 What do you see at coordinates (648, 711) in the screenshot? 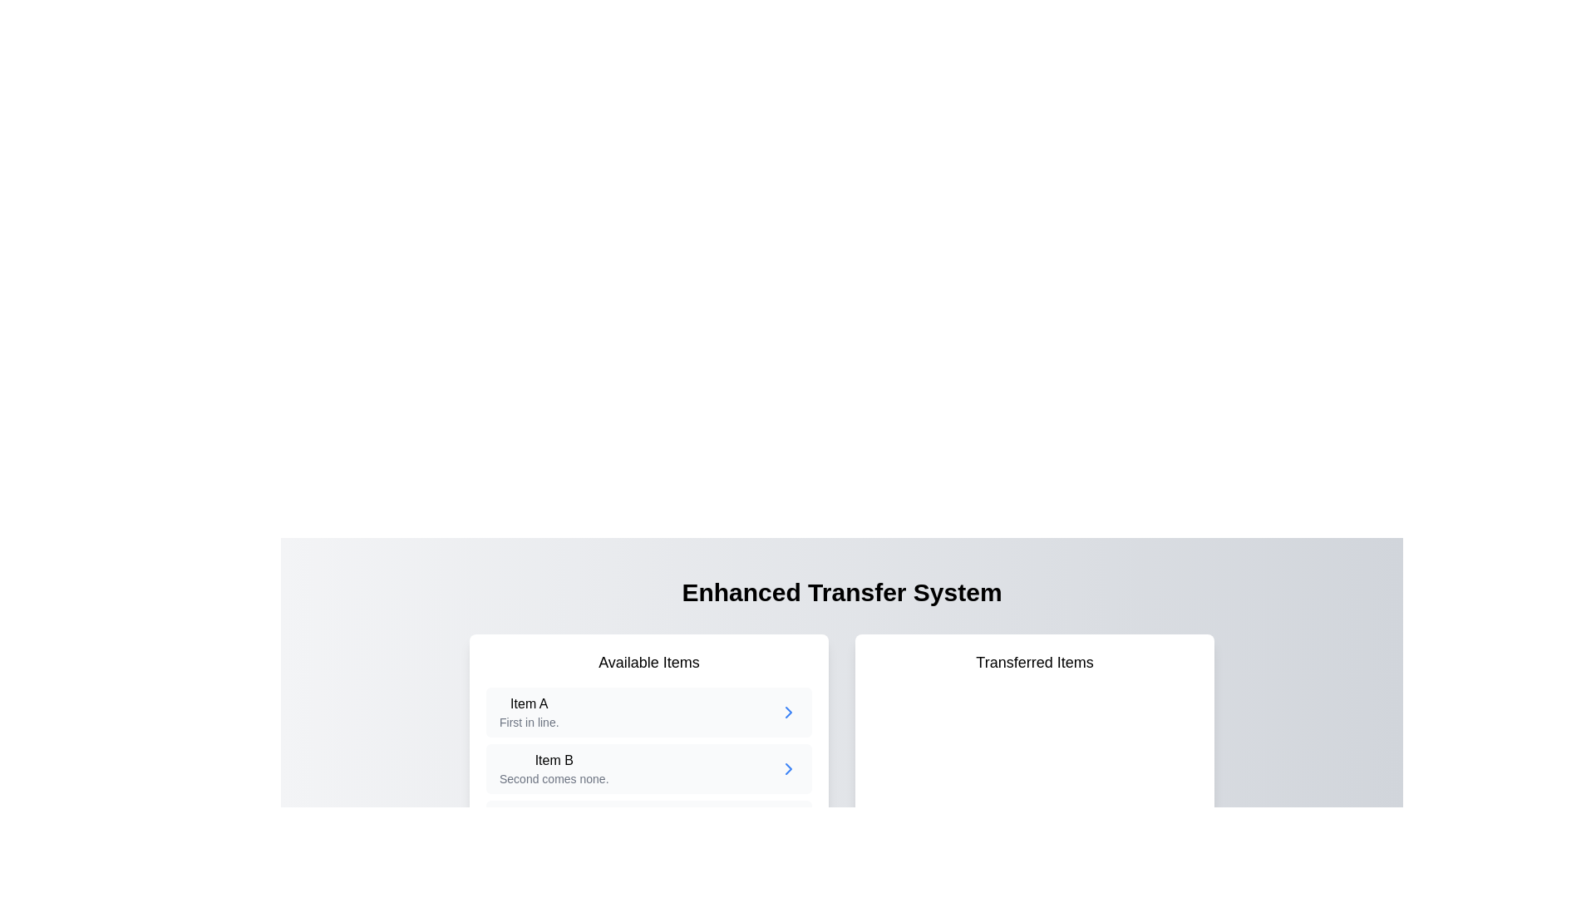
I see `information from the first item in the list labeled 'Available Items', which contains an embedded navigation indicator` at bounding box center [648, 711].